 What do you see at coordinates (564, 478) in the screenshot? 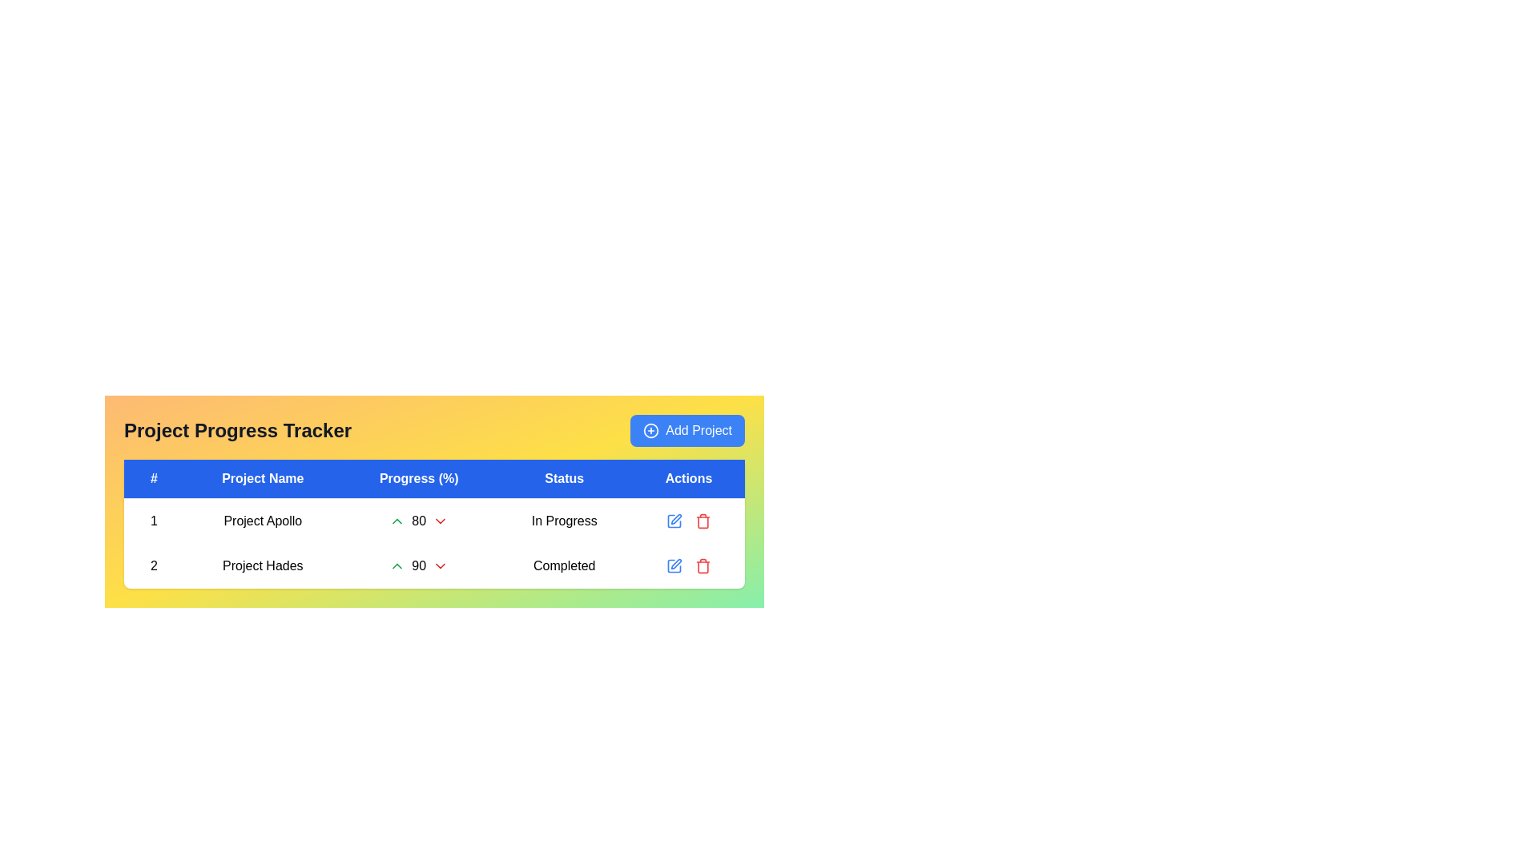
I see `the 'Status' text label element, which is a rectangular button-like component with a blue background and white text, located in the header row of a table` at bounding box center [564, 478].